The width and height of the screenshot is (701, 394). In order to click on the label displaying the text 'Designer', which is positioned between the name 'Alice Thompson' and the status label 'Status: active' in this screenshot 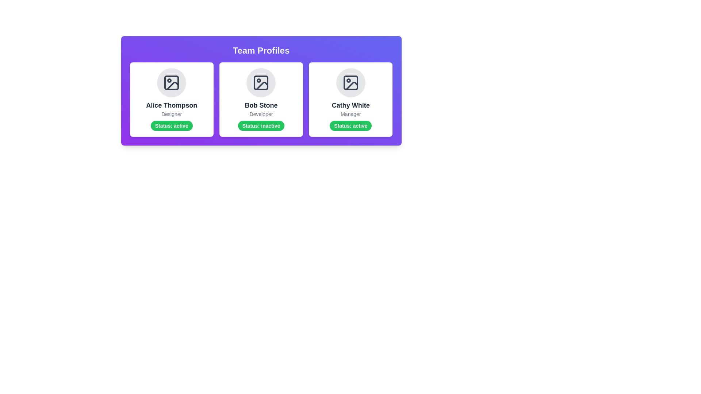, I will do `click(171, 114)`.